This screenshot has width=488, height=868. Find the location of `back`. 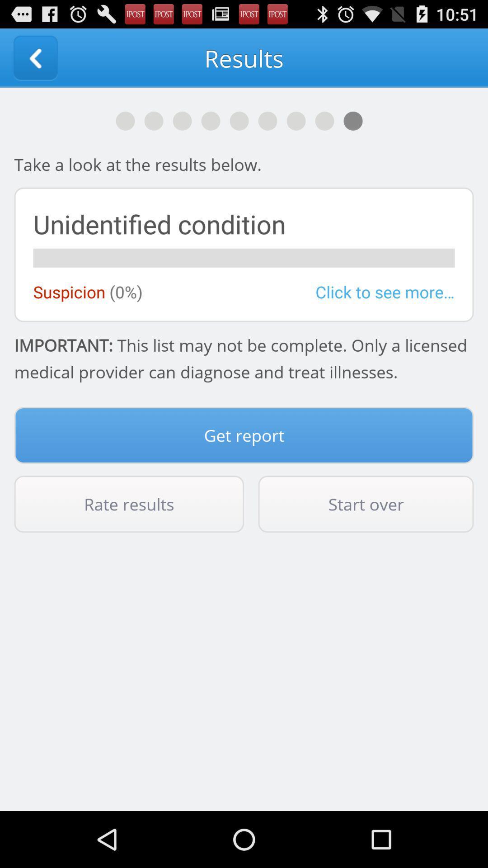

back is located at coordinates (35, 57).